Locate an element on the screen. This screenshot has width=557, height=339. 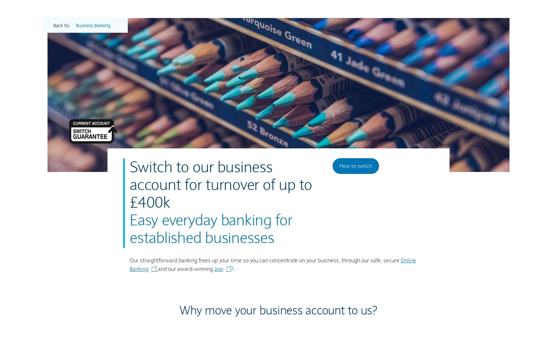
'Important information' is located at coordinates (224, 182).